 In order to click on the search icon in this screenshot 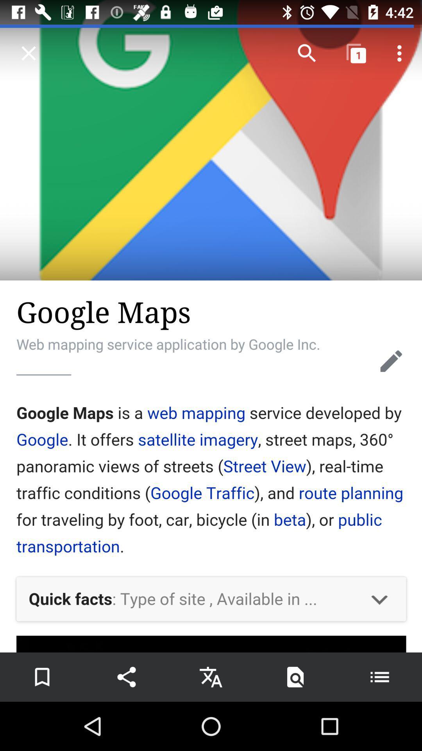, I will do `click(307, 53)`.